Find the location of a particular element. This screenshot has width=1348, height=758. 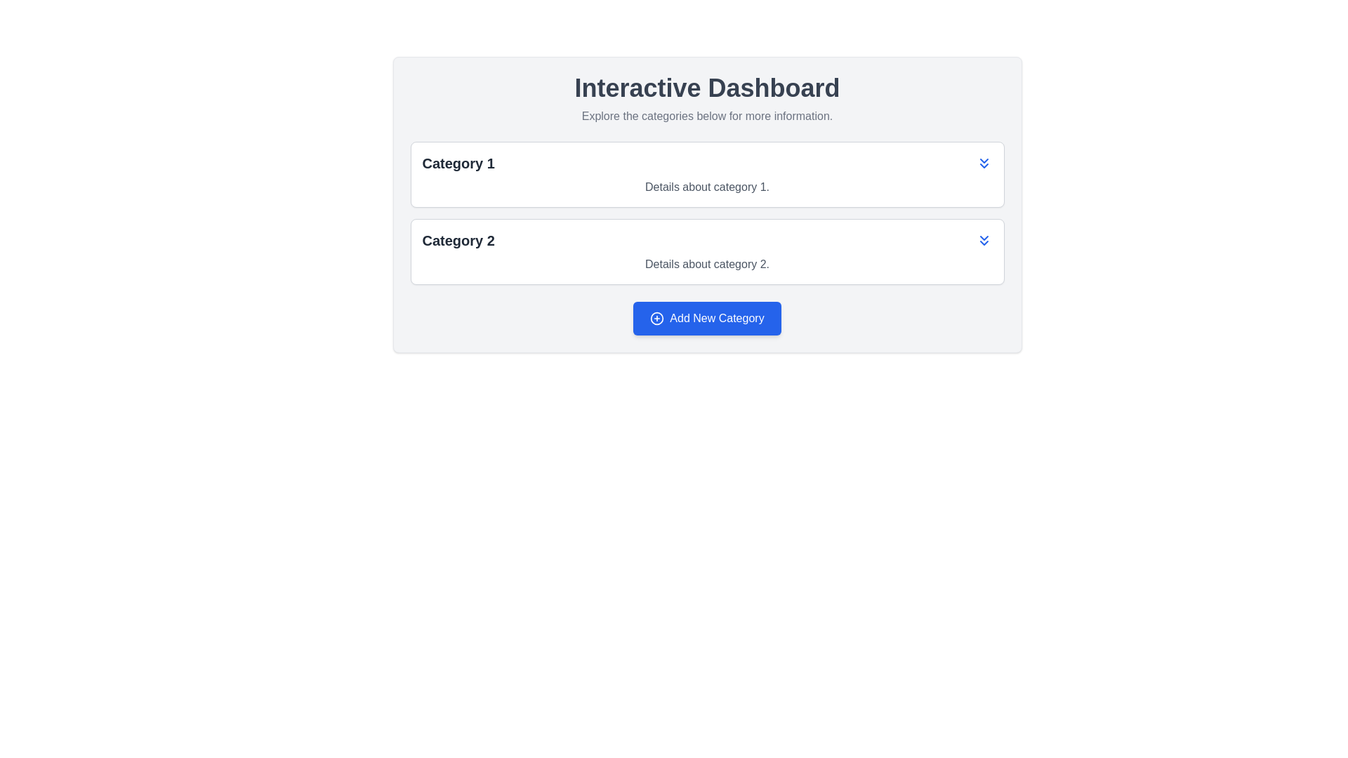

the informational text label for 'Category 1', which is positioned below the title within a bordered and rounded card is located at coordinates (707, 186).